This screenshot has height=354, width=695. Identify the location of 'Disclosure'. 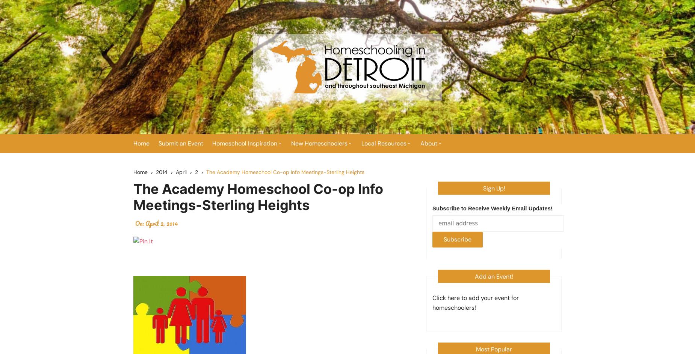
(440, 230).